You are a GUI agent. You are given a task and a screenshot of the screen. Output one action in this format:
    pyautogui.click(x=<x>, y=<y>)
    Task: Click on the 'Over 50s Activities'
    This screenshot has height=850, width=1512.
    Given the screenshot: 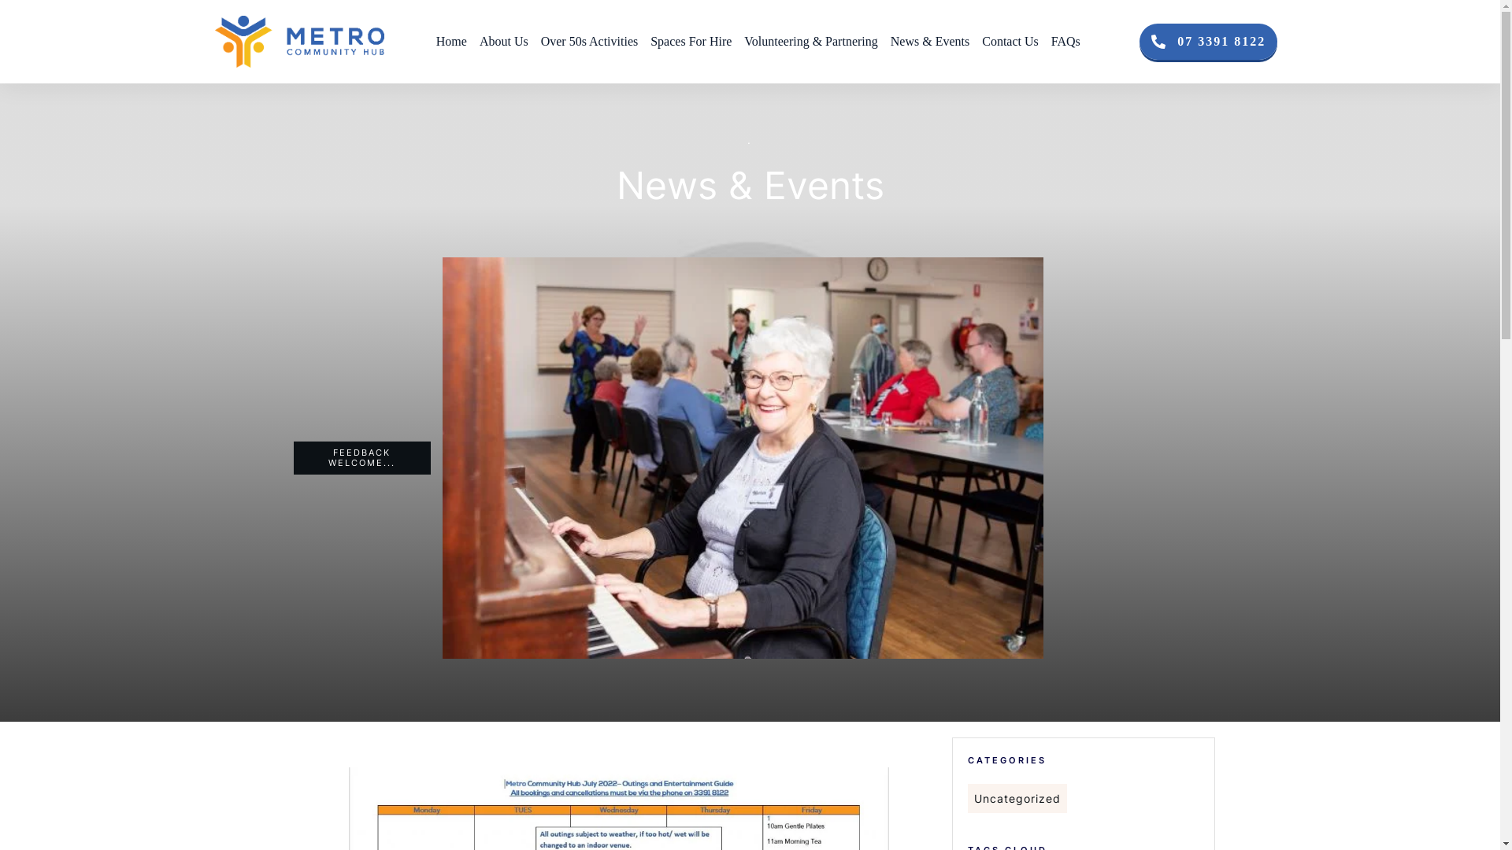 What is the action you would take?
    pyautogui.click(x=588, y=41)
    